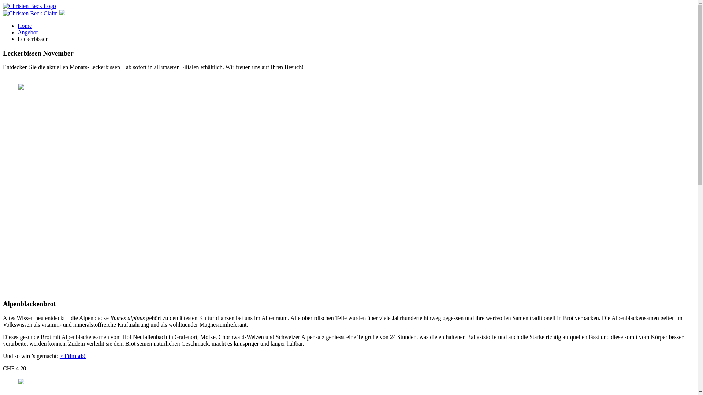  Describe the element at coordinates (27, 32) in the screenshot. I see `'Angebot'` at that location.